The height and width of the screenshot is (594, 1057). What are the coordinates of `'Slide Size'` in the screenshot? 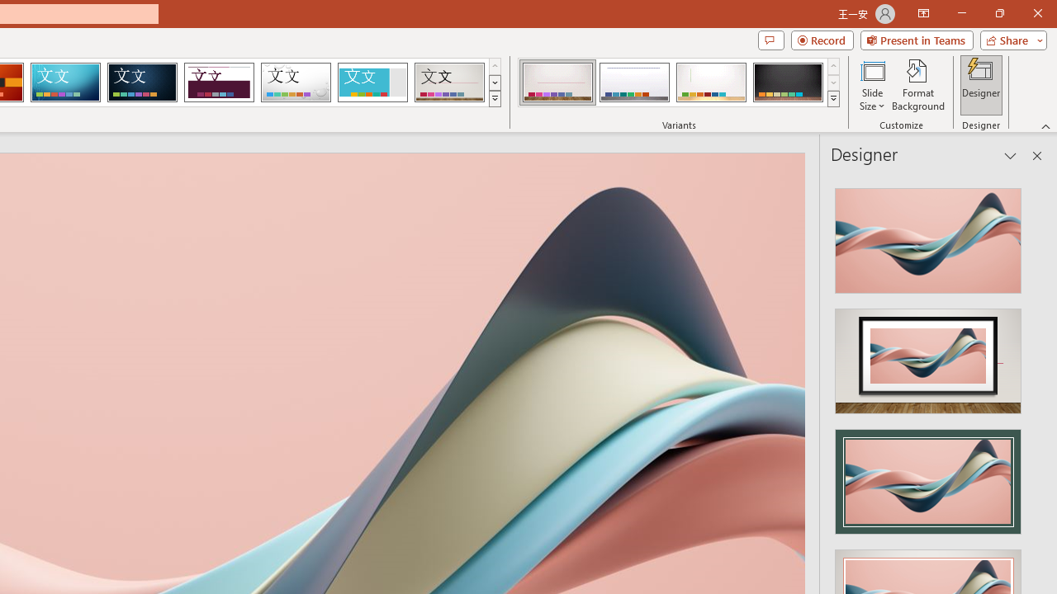 It's located at (871, 85).